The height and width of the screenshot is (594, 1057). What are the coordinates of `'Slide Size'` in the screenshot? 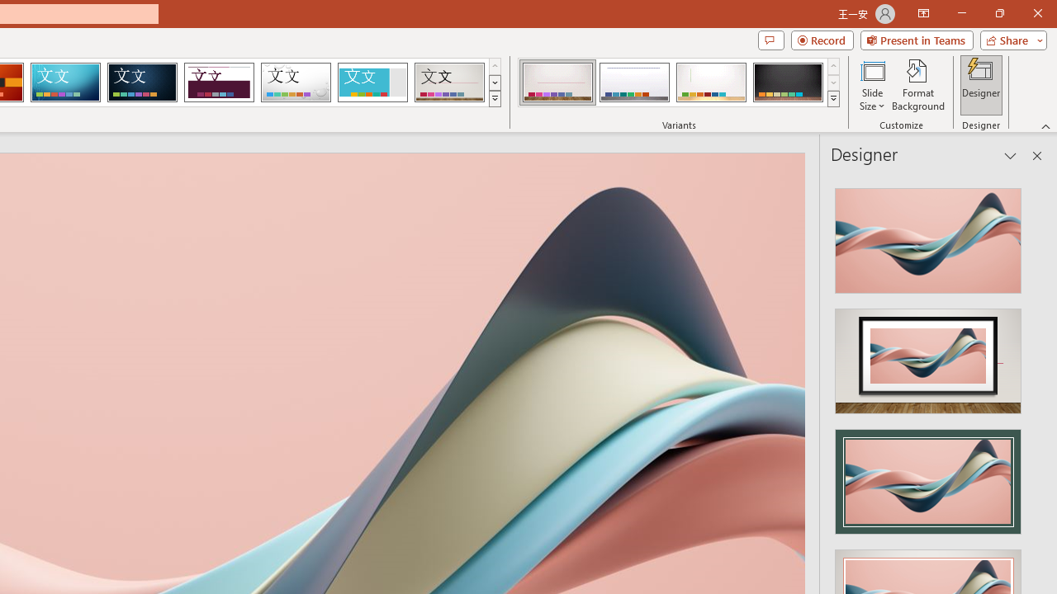 It's located at (871, 85).